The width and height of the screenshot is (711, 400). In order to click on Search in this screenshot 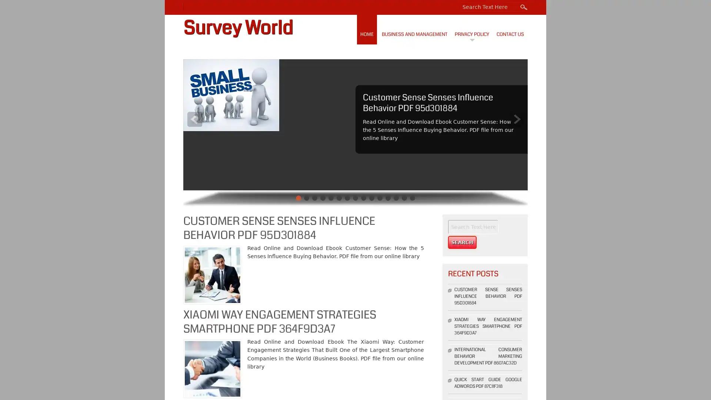, I will do `click(462, 242)`.